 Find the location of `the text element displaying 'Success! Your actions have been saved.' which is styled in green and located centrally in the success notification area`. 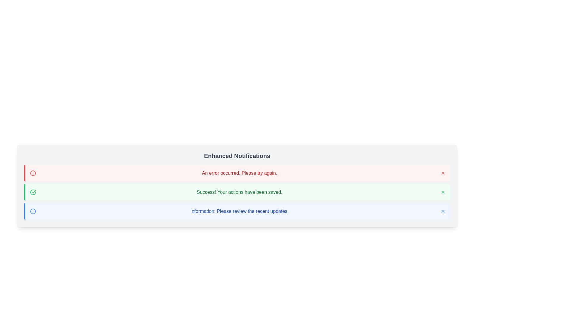

the text element displaying 'Success! Your actions have been saved.' which is styled in green and located centrally in the success notification area is located at coordinates (240, 192).